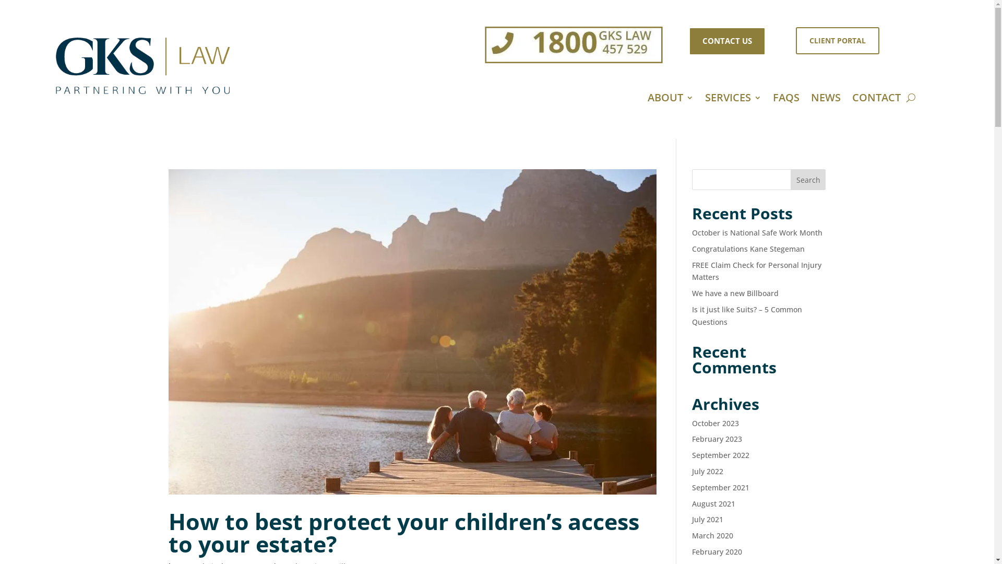 The width and height of the screenshot is (1002, 564). I want to click on 'September 2021', so click(720, 487).